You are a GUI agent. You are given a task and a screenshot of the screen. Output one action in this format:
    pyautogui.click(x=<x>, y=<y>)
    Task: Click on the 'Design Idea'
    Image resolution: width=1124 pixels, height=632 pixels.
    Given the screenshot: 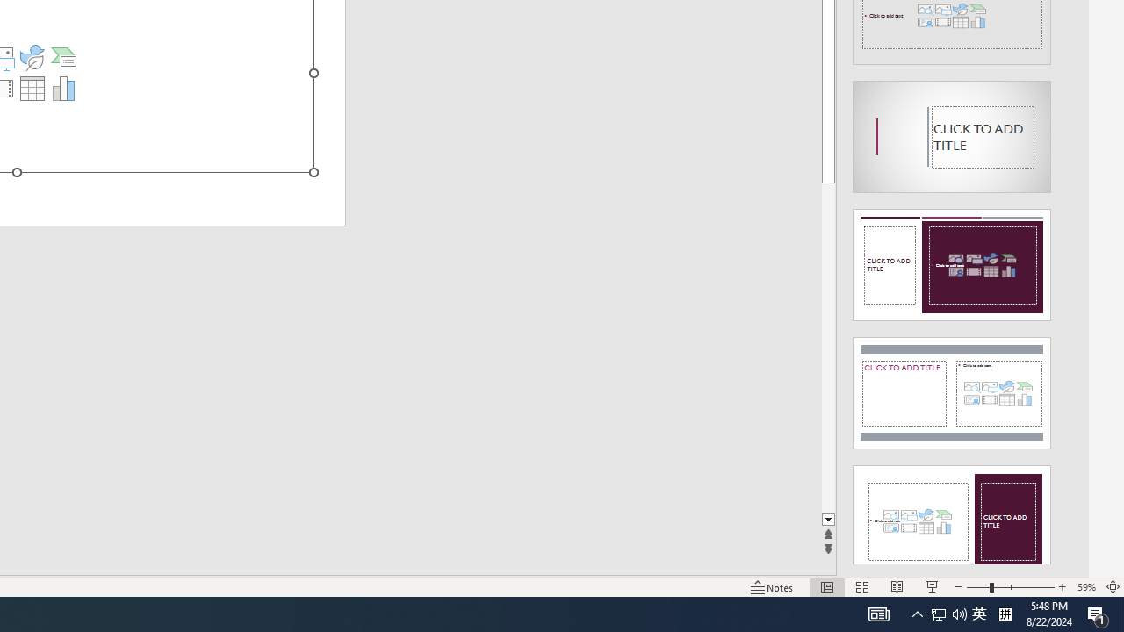 What is the action you would take?
    pyautogui.click(x=951, y=514)
    